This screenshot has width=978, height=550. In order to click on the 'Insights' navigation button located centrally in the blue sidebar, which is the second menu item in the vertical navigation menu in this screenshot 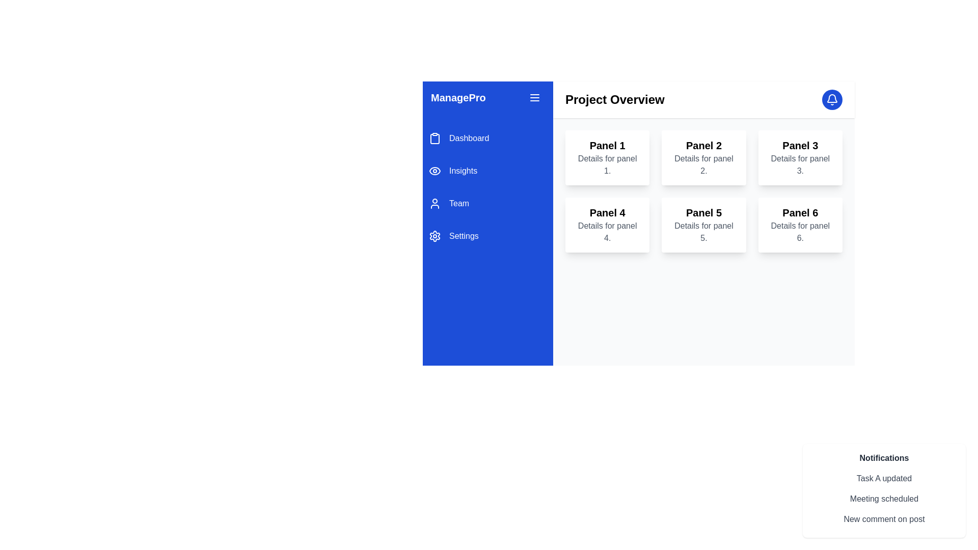, I will do `click(487, 170)`.